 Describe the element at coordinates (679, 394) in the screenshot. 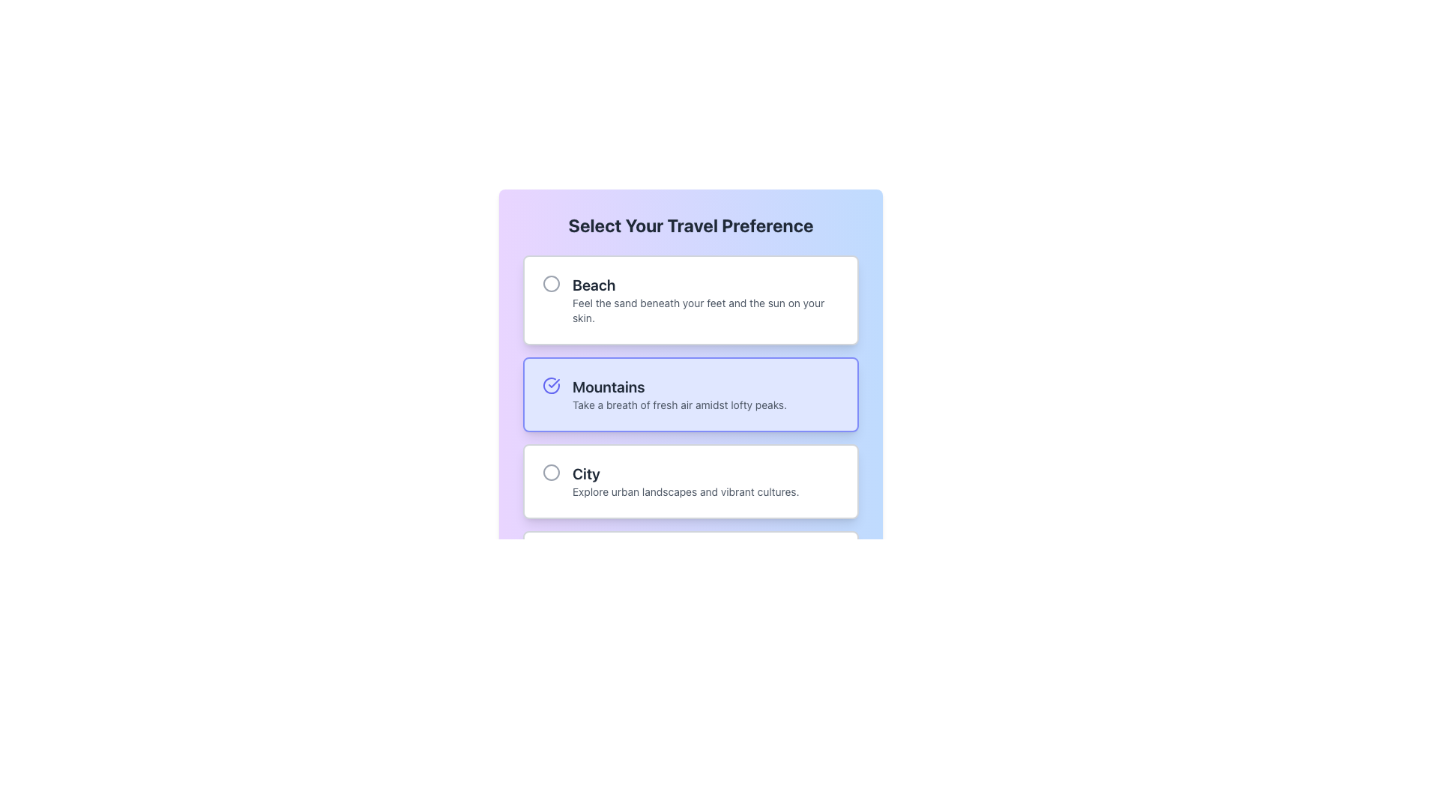

I see `the text block titled 'Mountains' which is prominently styled with a bold font and contains a description underneath` at that location.